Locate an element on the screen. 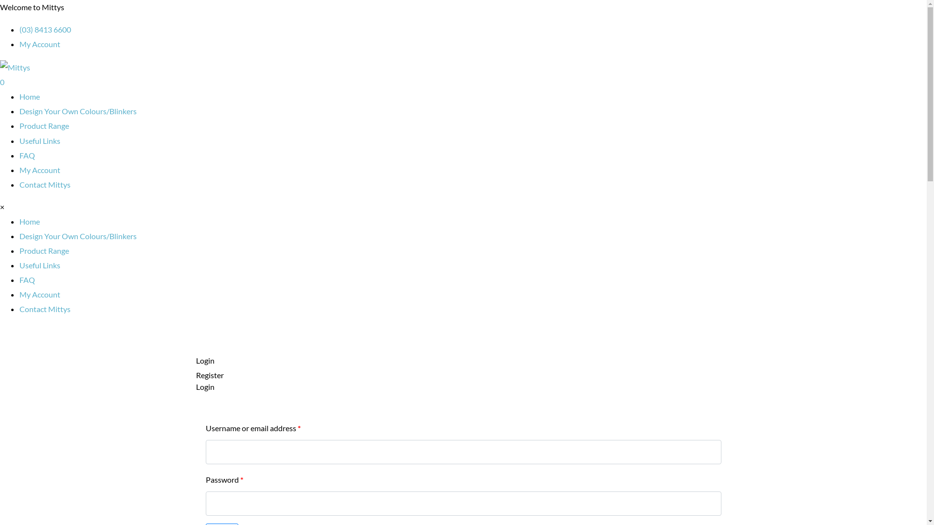  '(03) 8413 6600' is located at coordinates (44, 29).